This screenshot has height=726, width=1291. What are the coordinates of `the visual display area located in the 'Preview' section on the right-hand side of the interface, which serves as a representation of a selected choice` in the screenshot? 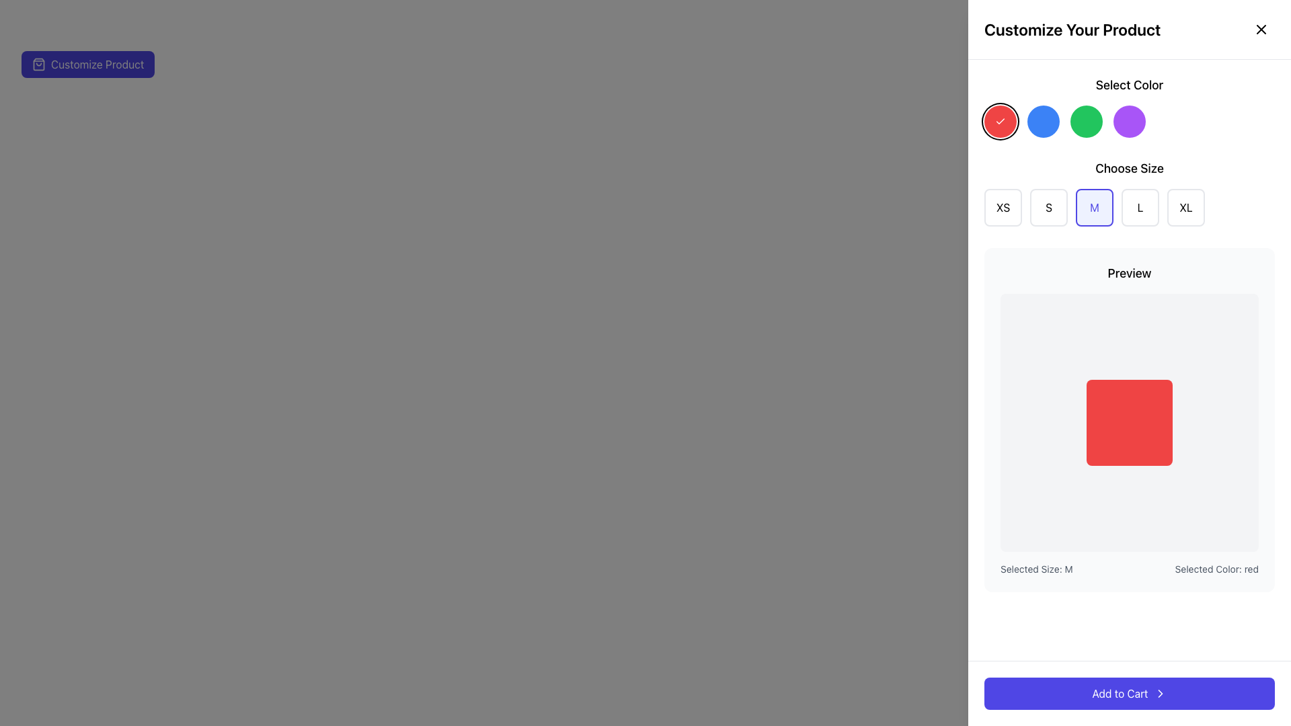 It's located at (1130, 421).